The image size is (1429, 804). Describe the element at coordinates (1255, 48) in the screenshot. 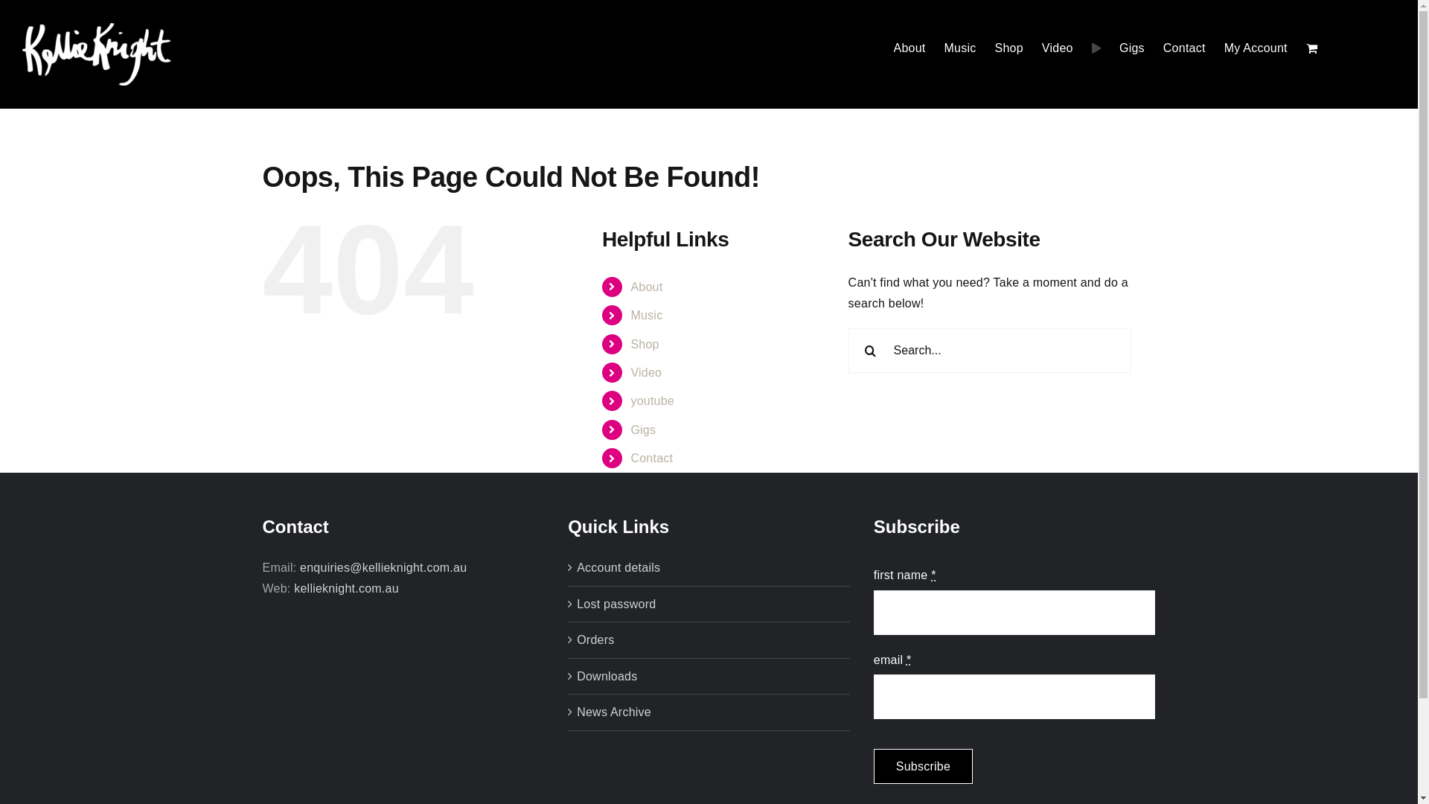

I see `'My Account'` at that location.